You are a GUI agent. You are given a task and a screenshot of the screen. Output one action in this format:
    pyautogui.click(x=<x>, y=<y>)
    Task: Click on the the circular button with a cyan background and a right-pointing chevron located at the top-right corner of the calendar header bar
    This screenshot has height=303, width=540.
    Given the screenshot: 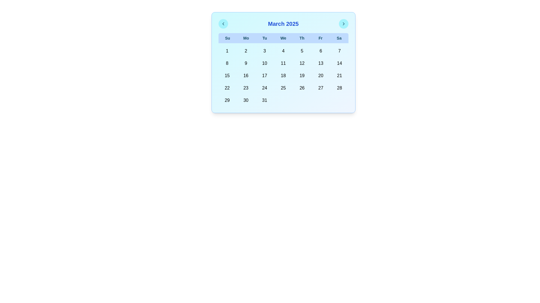 What is the action you would take?
    pyautogui.click(x=343, y=23)
    